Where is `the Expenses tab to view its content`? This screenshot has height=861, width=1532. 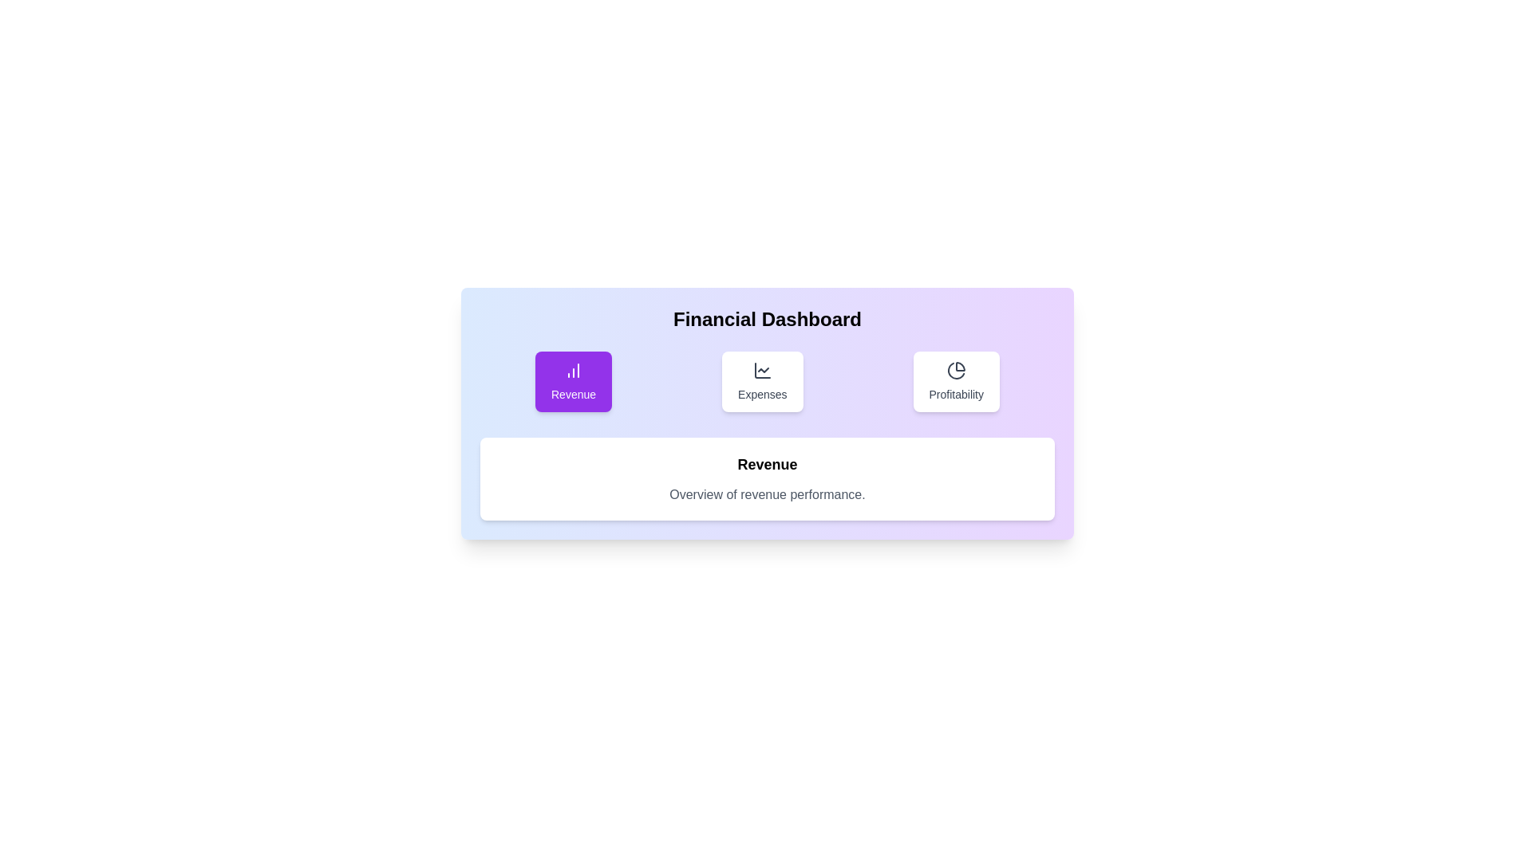 the Expenses tab to view its content is located at coordinates (761, 381).